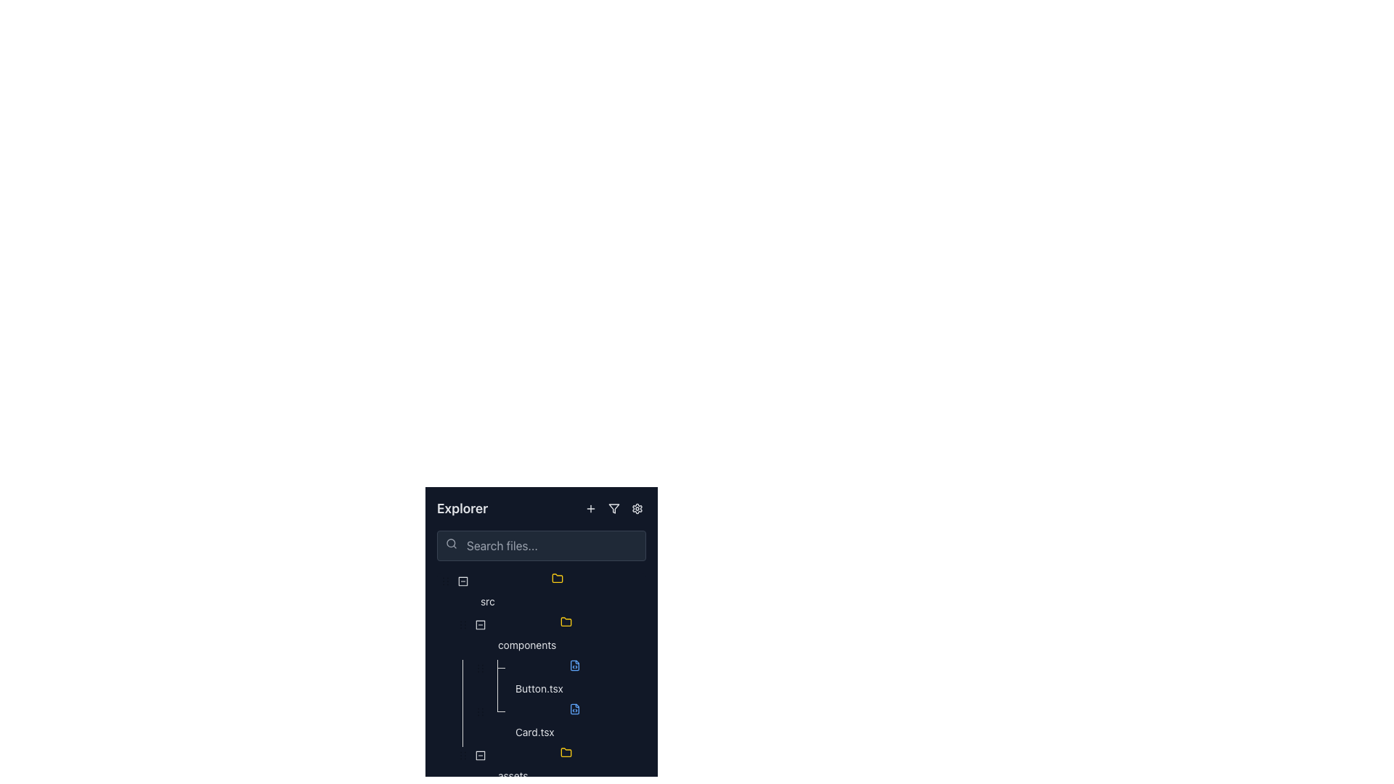 The image size is (1394, 784). I want to click on the small cross-shaped icon in the header section of the sidebar, so click(591, 508).